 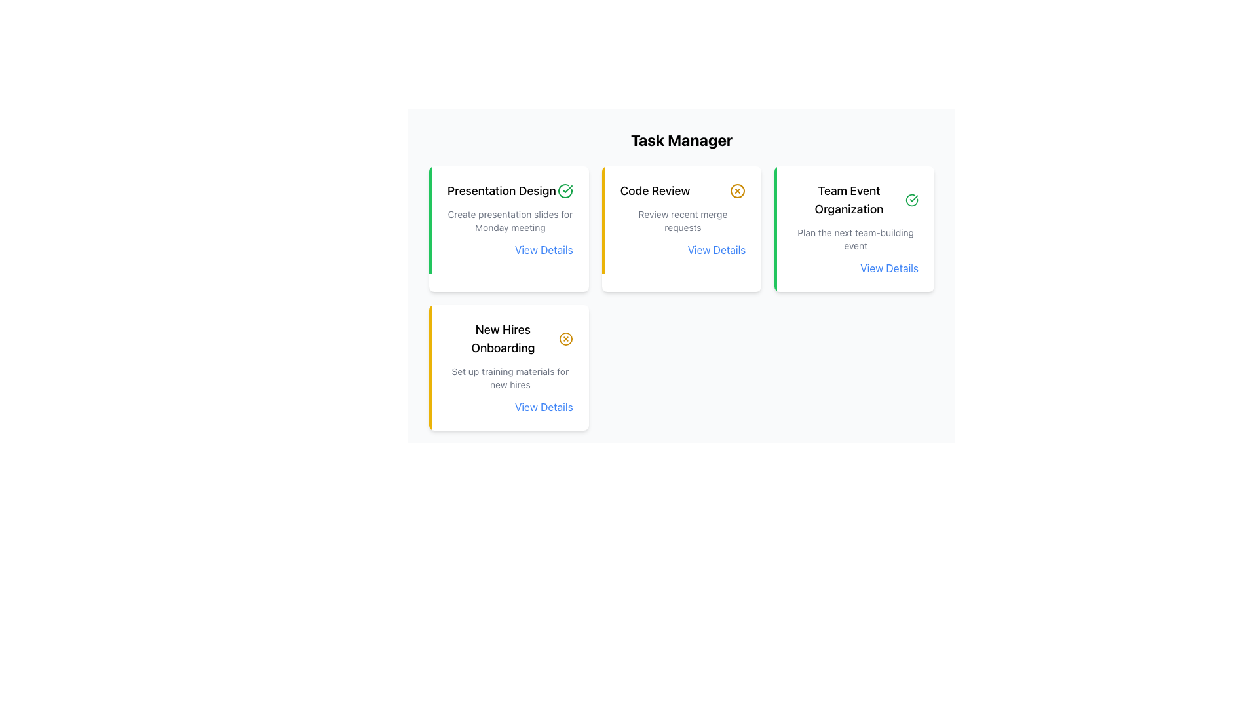 What do you see at coordinates (544, 249) in the screenshot?
I see `the 'View Details' hyperlink located at the bottom of the 'Presentation Design' card` at bounding box center [544, 249].